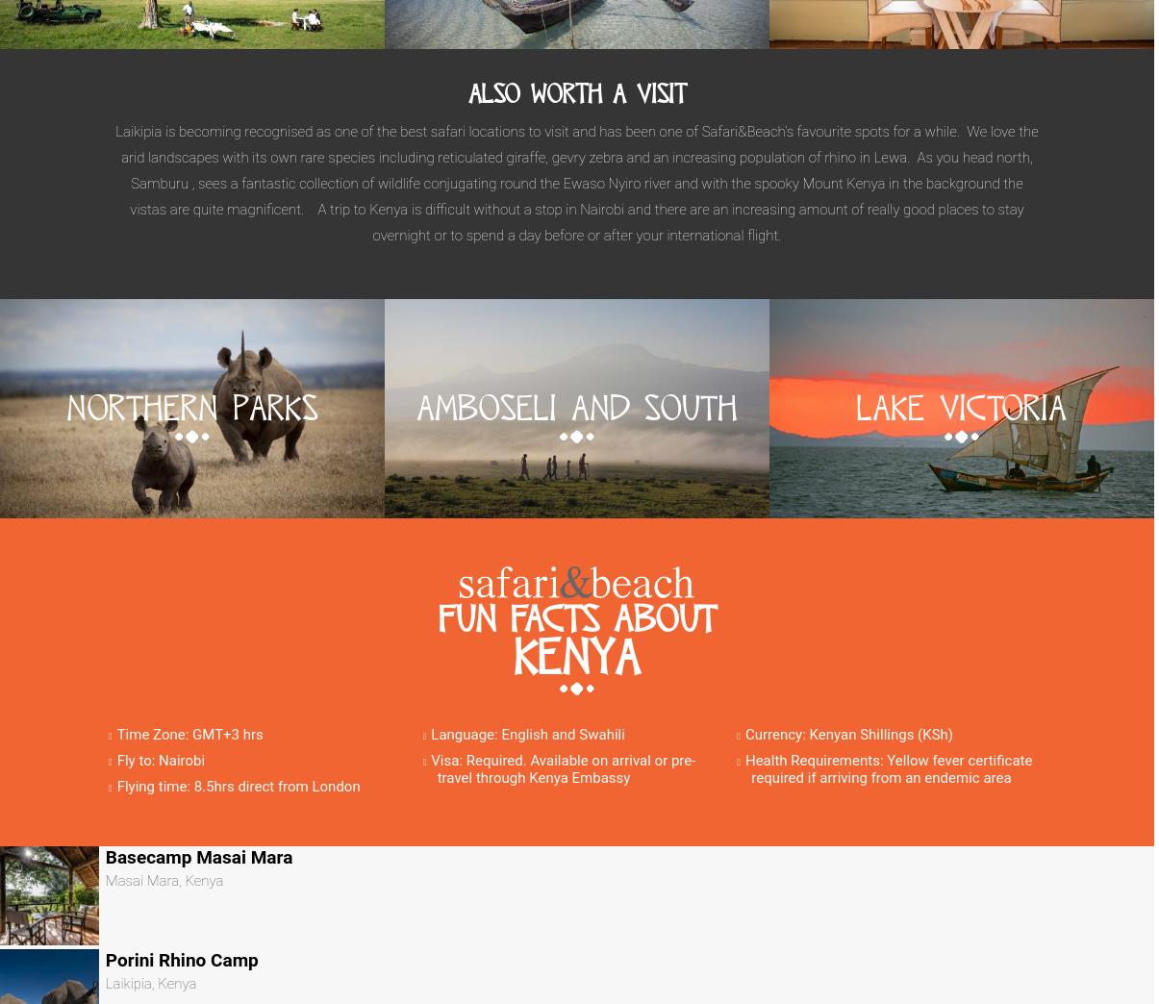  Describe the element at coordinates (960, 407) in the screenshot. I see `'Lake Victoria'` at that location.